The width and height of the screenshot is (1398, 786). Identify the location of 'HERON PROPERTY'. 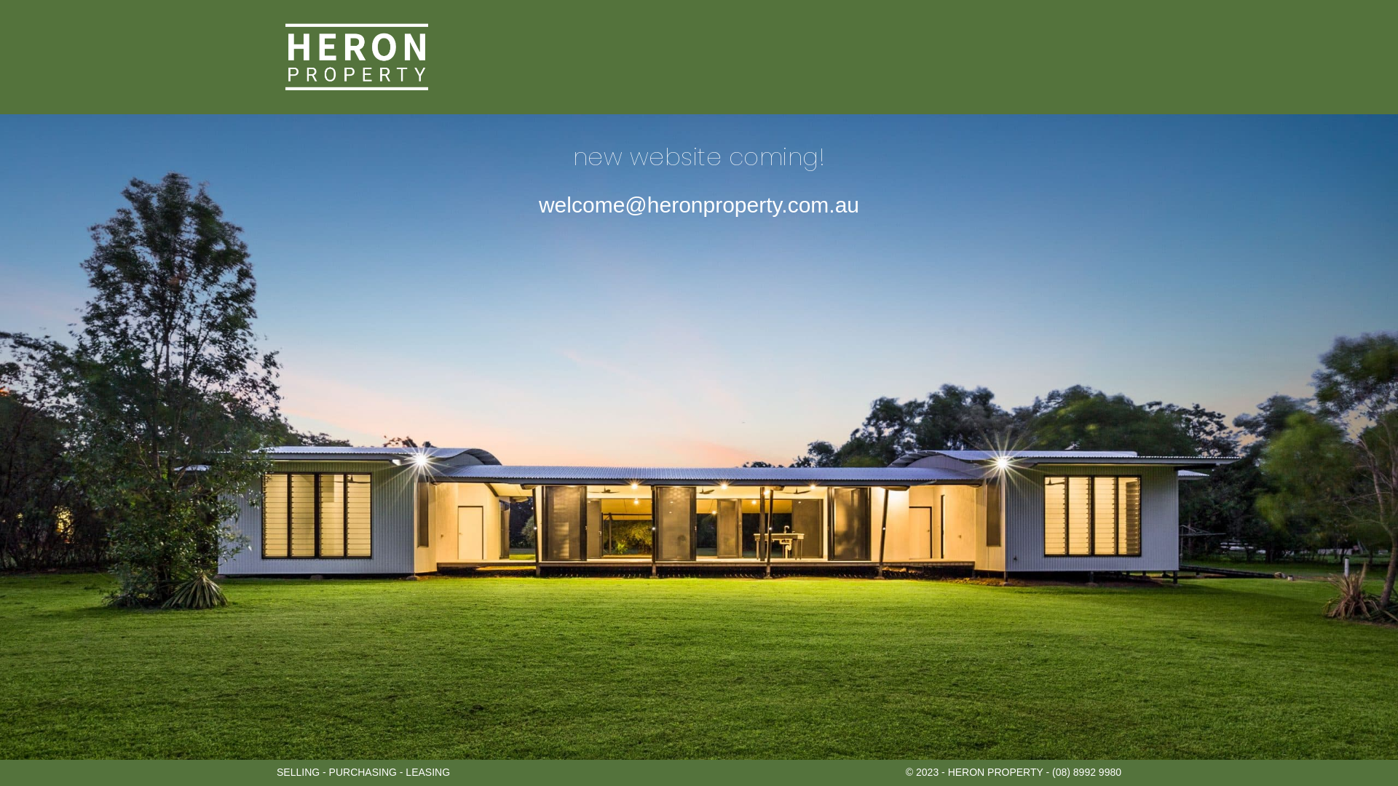
(276, 56).